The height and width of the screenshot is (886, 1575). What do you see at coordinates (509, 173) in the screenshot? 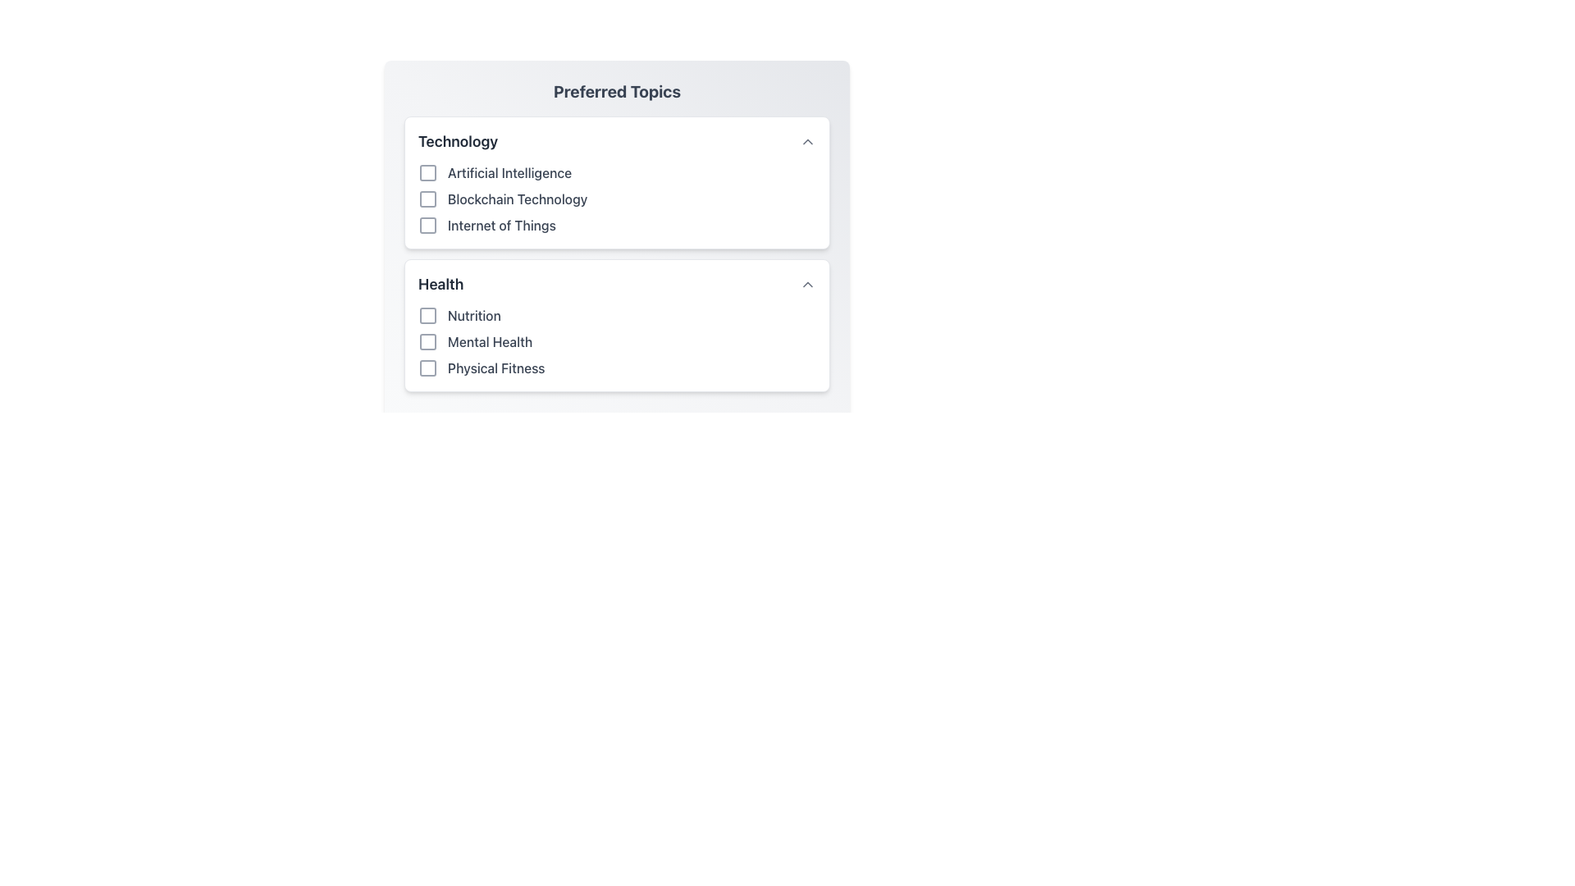
I see `the text label displaying 'Artificial Intelligence' in the 'Preferred Topics' panel within the 'Technology' section` at bounding box center [509, 173].